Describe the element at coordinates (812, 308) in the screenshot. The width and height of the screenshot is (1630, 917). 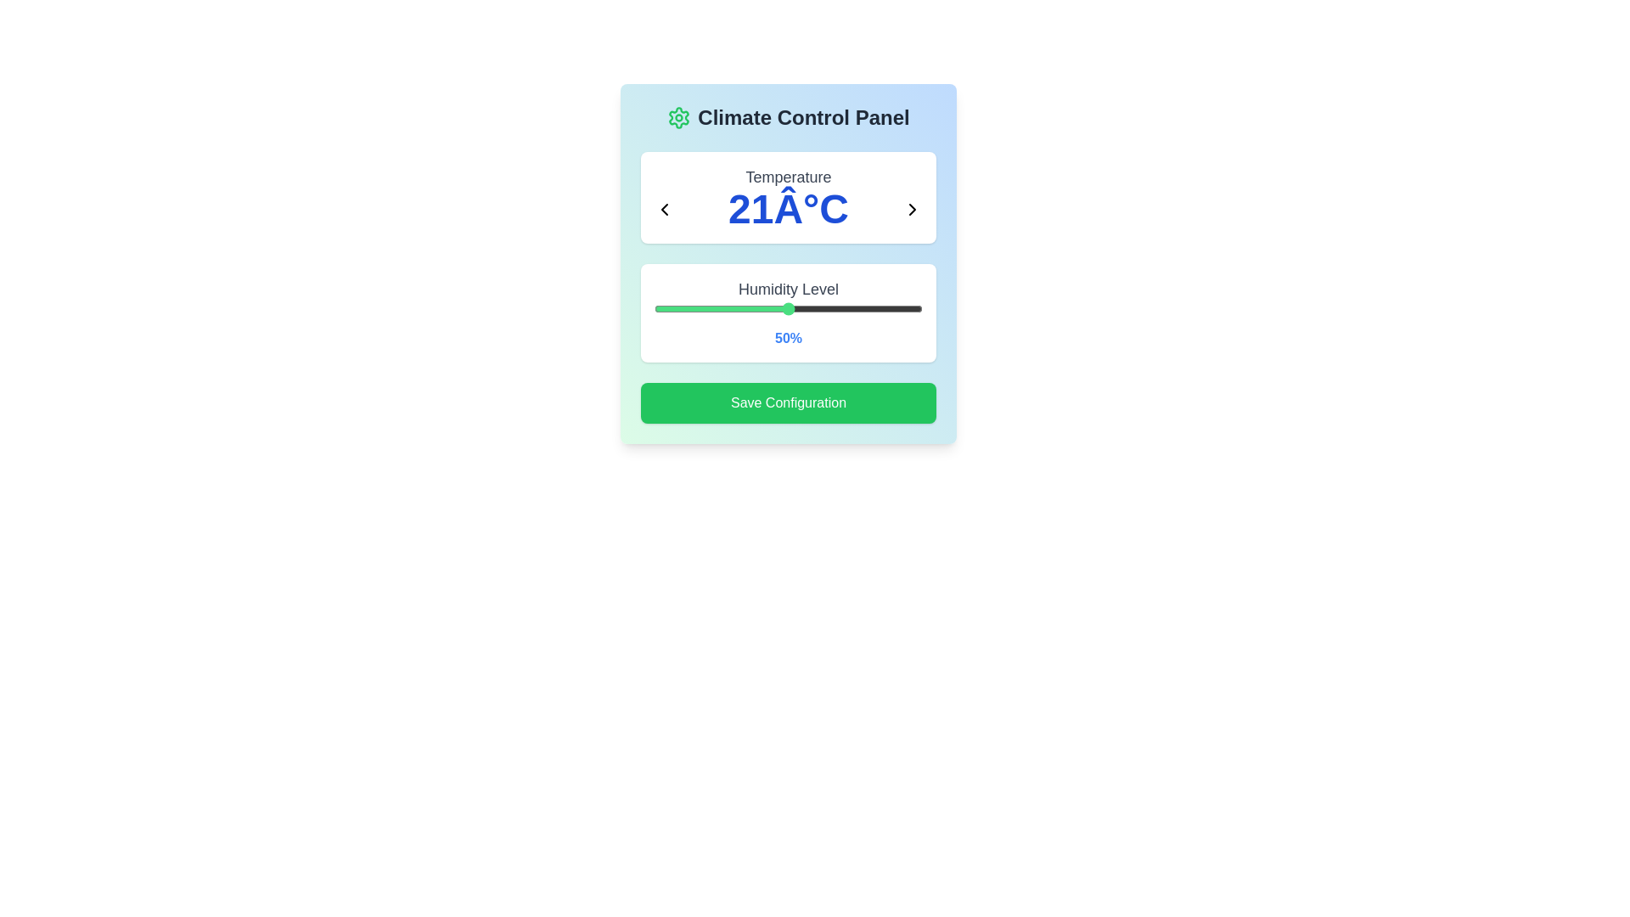
I see `the humidity slider to 59%` at that location.